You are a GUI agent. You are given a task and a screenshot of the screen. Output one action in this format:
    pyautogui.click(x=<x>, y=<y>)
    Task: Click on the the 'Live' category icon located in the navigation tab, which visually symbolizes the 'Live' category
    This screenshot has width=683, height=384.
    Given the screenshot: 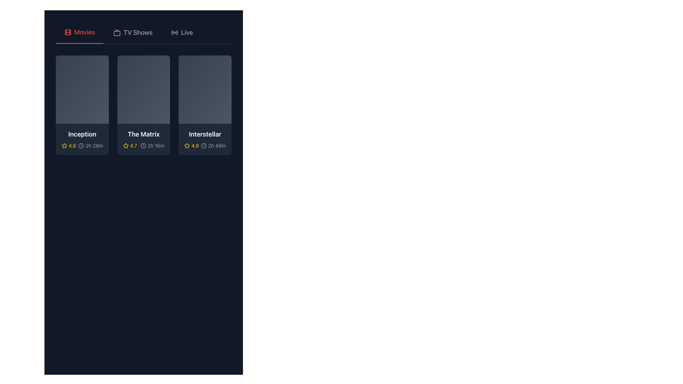 What is the action you would take?
    pyautogui.click(x=175, y=33)
    